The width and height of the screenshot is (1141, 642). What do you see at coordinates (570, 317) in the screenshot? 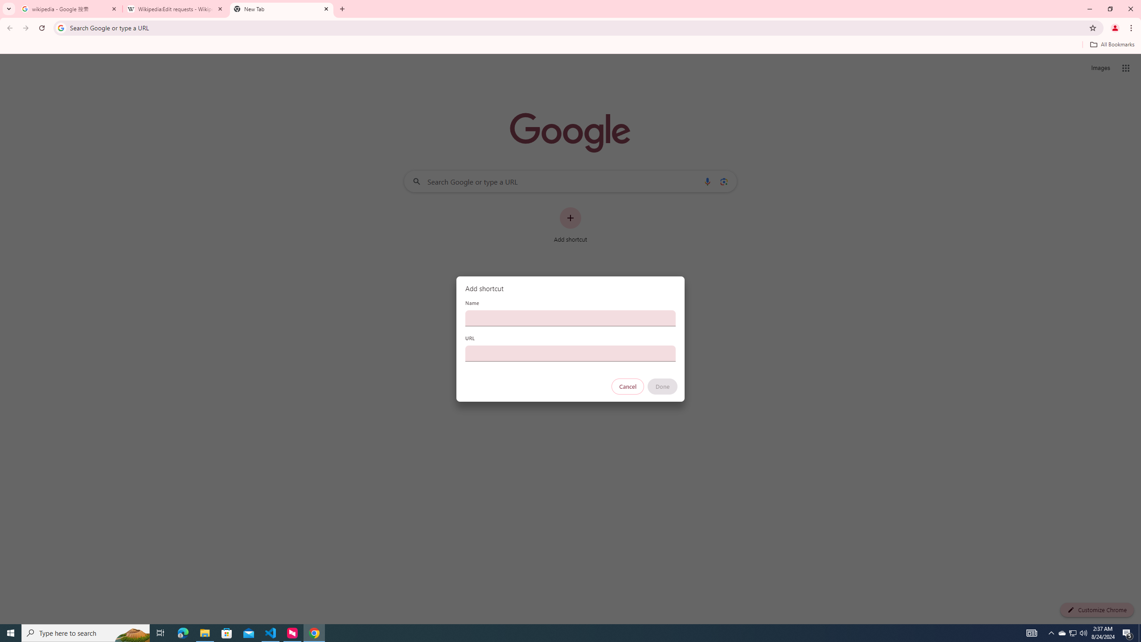
I see `'Name'` at bounding box center [570, 317].